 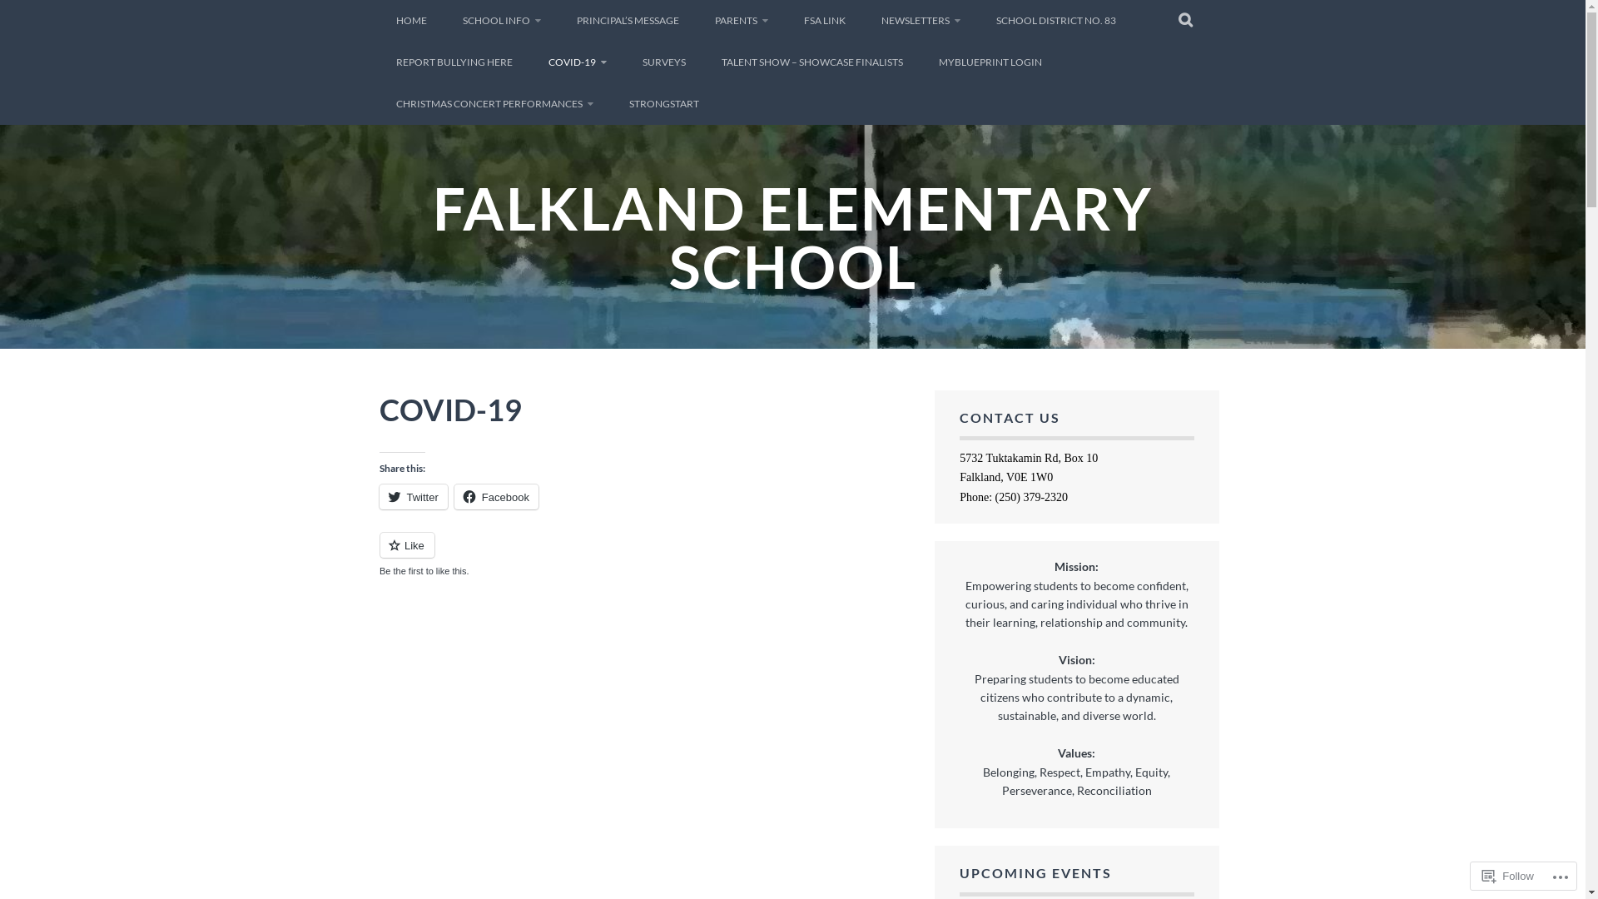 What do you see at coordinates (446, 20) in the screenshot?
I see `'SCHOOL INFO'` at bounding box center [446, 20].